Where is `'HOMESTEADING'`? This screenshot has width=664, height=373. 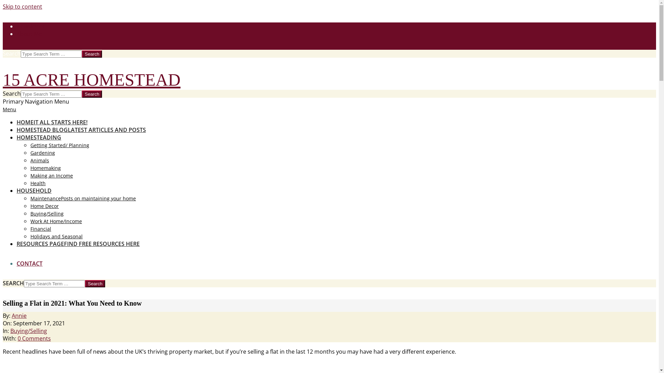
'HOMESTEADING' is located at coordinates (38, 137).